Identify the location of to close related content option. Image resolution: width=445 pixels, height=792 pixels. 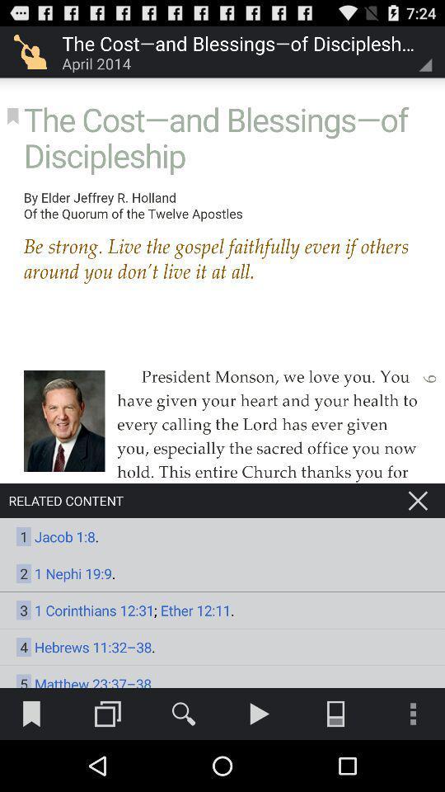
(418, 500).